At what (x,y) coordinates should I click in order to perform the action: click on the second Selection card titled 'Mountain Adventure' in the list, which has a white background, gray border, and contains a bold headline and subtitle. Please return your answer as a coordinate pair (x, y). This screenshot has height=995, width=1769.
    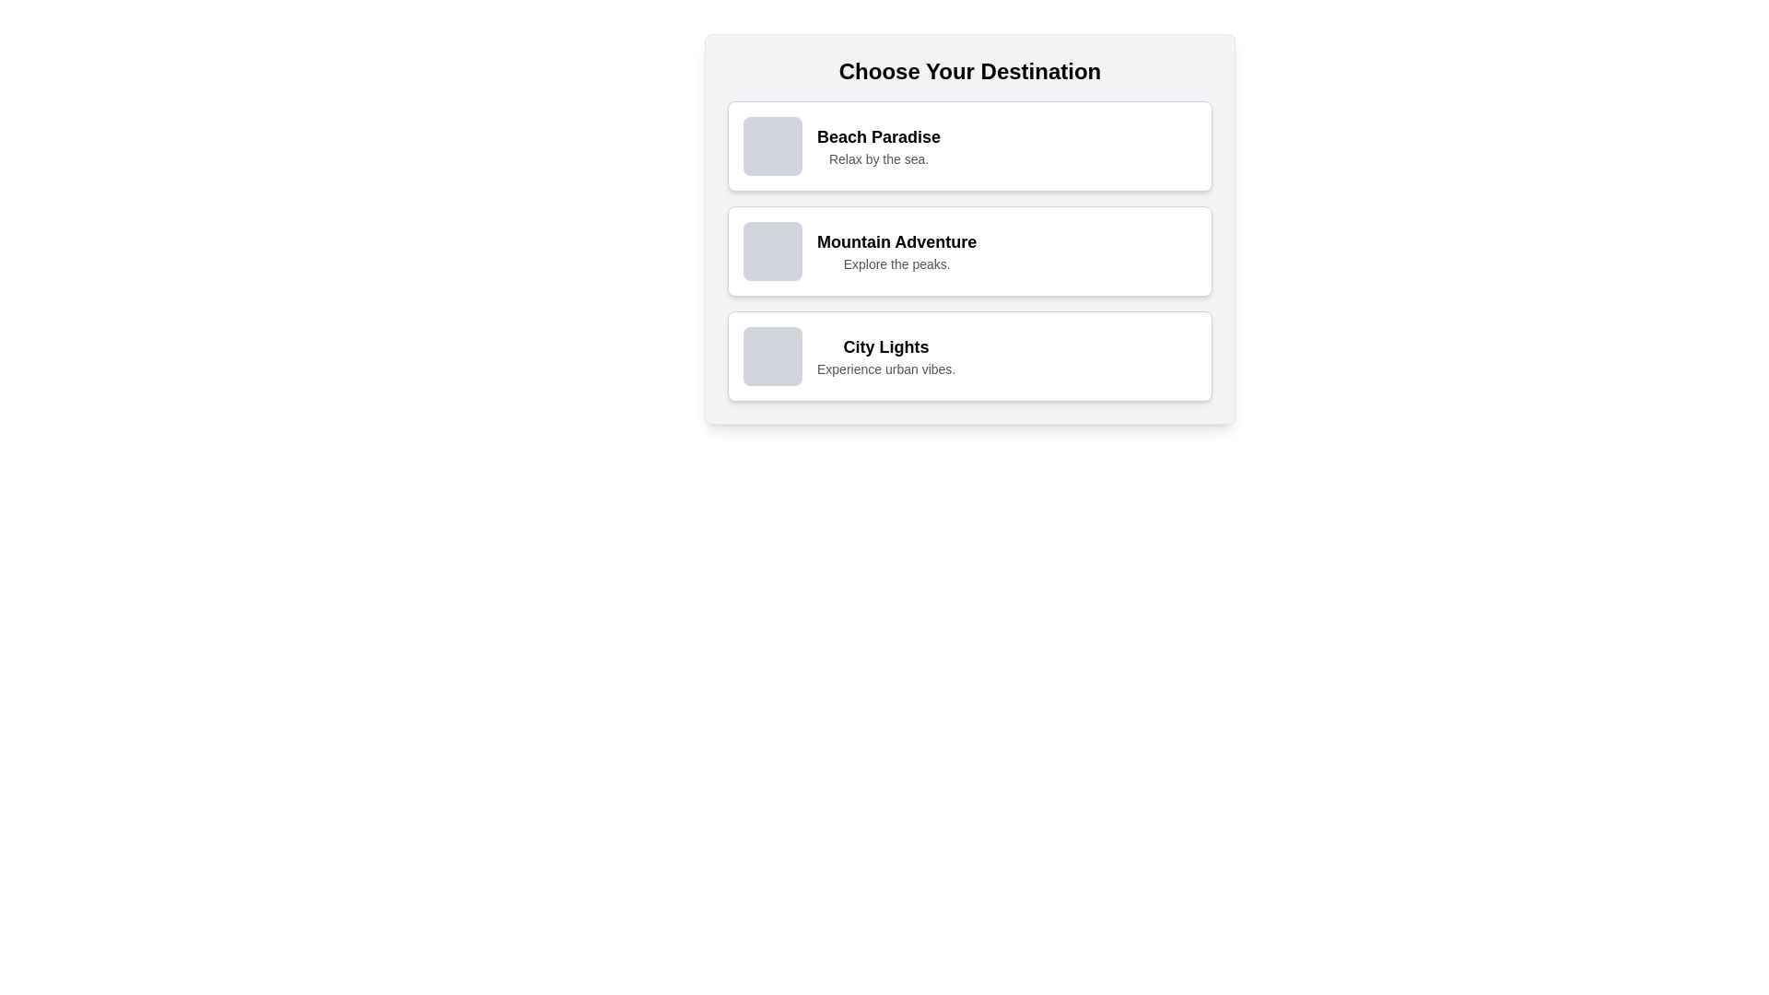
    Looking at the image, I should click on (968, 252).